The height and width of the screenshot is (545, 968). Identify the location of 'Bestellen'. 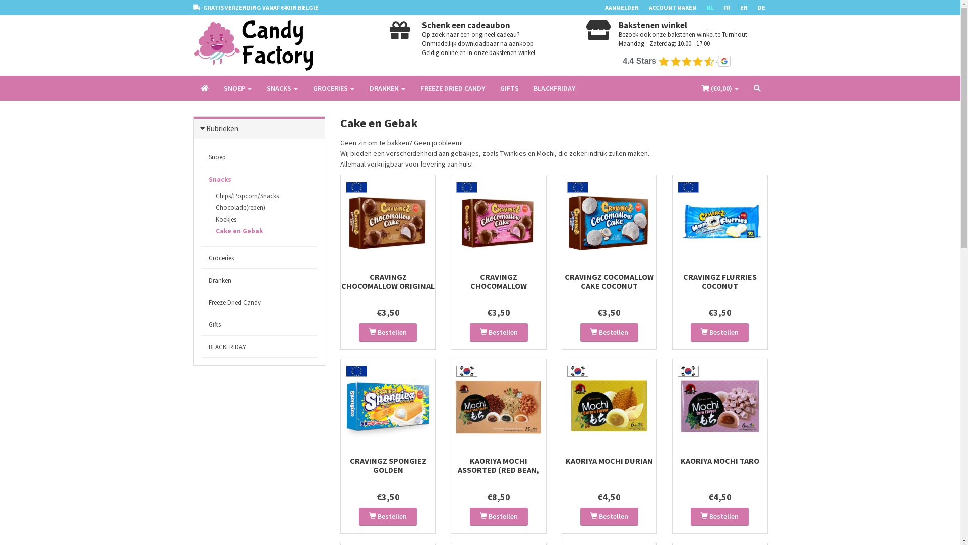
(387, 333).